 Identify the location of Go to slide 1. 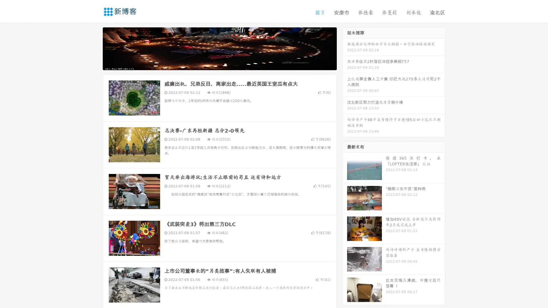
(213, 64).